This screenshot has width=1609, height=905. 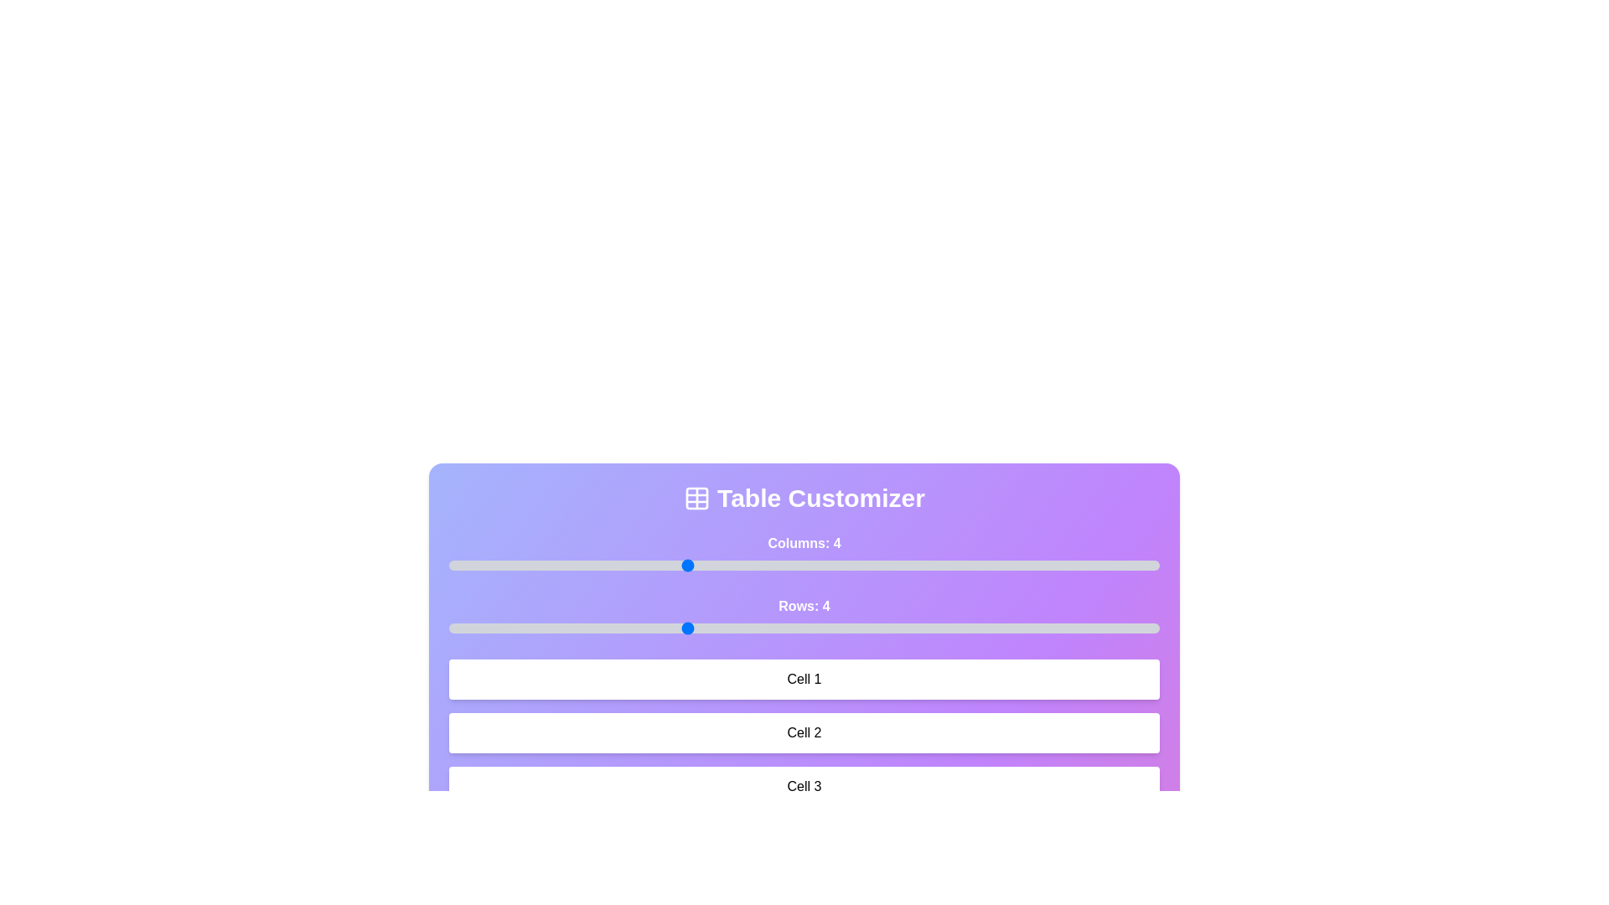 What do you see at coordinates (686, 566) in the screenshot?
I see `the column slider to set the number of columns to 4` at bounding box center [686, 566].